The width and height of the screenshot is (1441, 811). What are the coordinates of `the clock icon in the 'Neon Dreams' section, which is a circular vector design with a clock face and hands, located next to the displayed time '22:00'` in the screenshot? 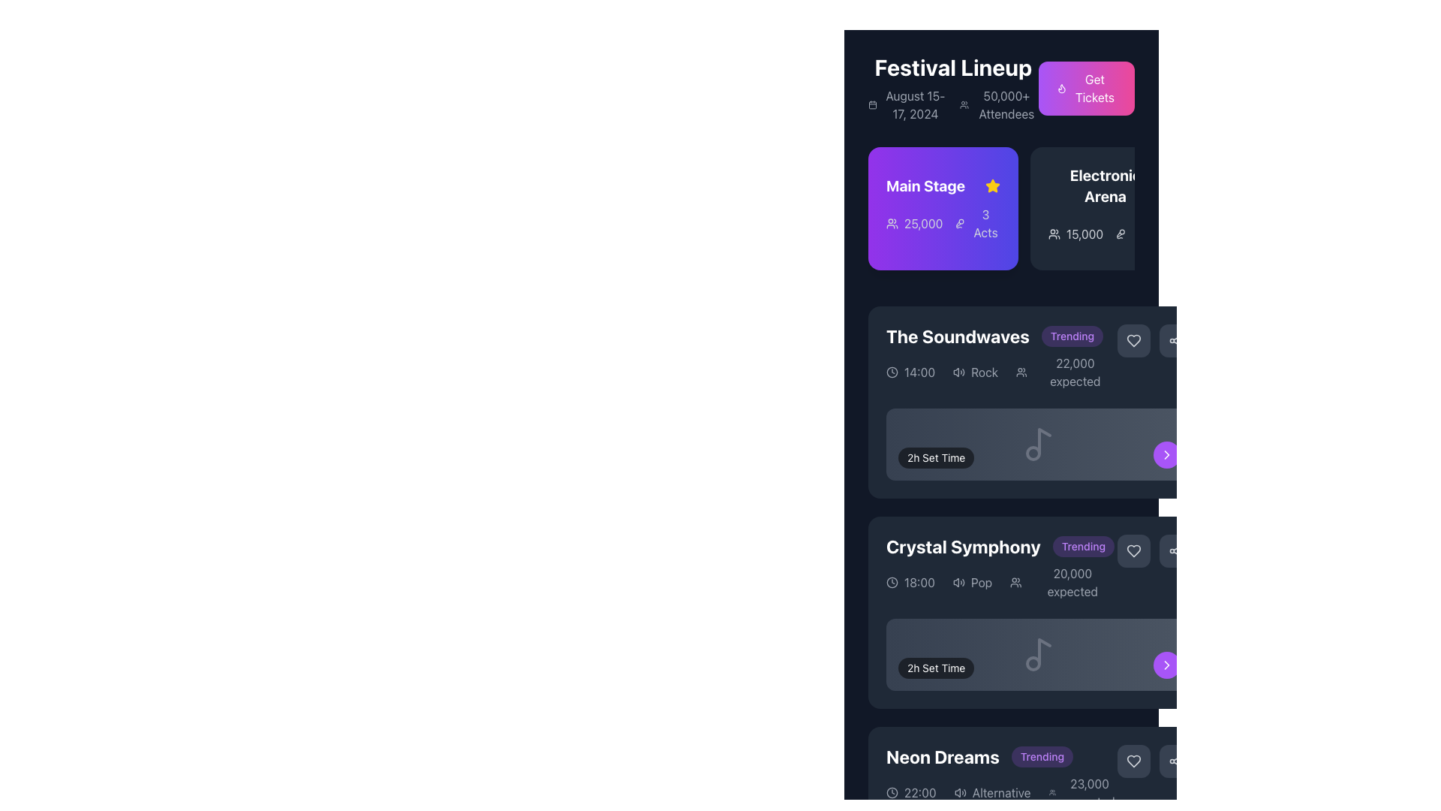 It's located at (892, 792).